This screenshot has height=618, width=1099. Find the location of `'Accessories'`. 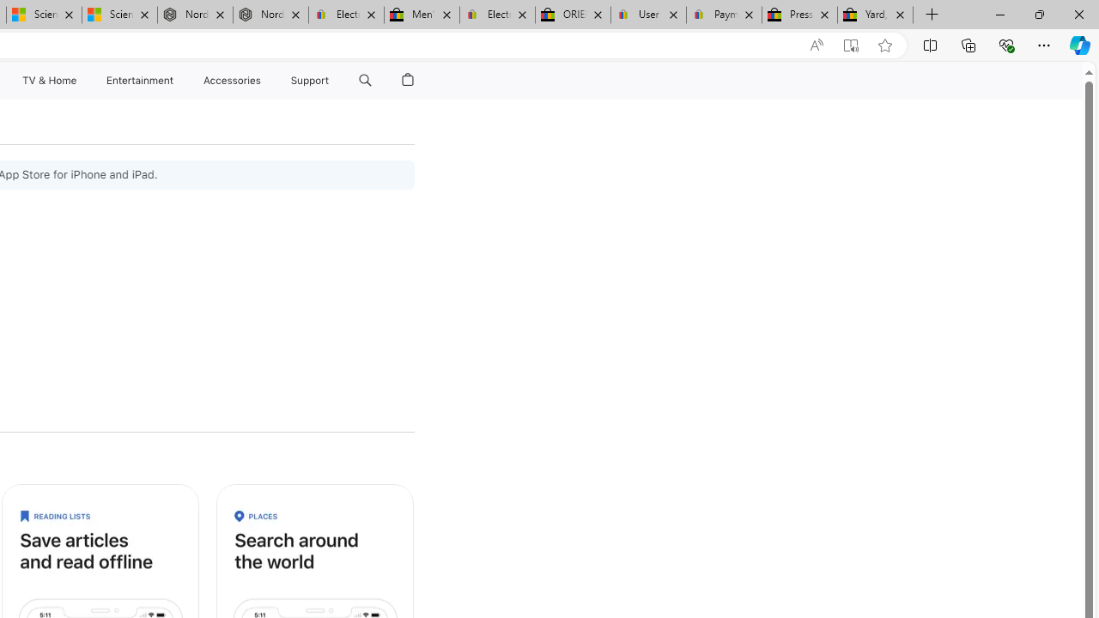

'Accessories' is located at coordinates (231, 80).